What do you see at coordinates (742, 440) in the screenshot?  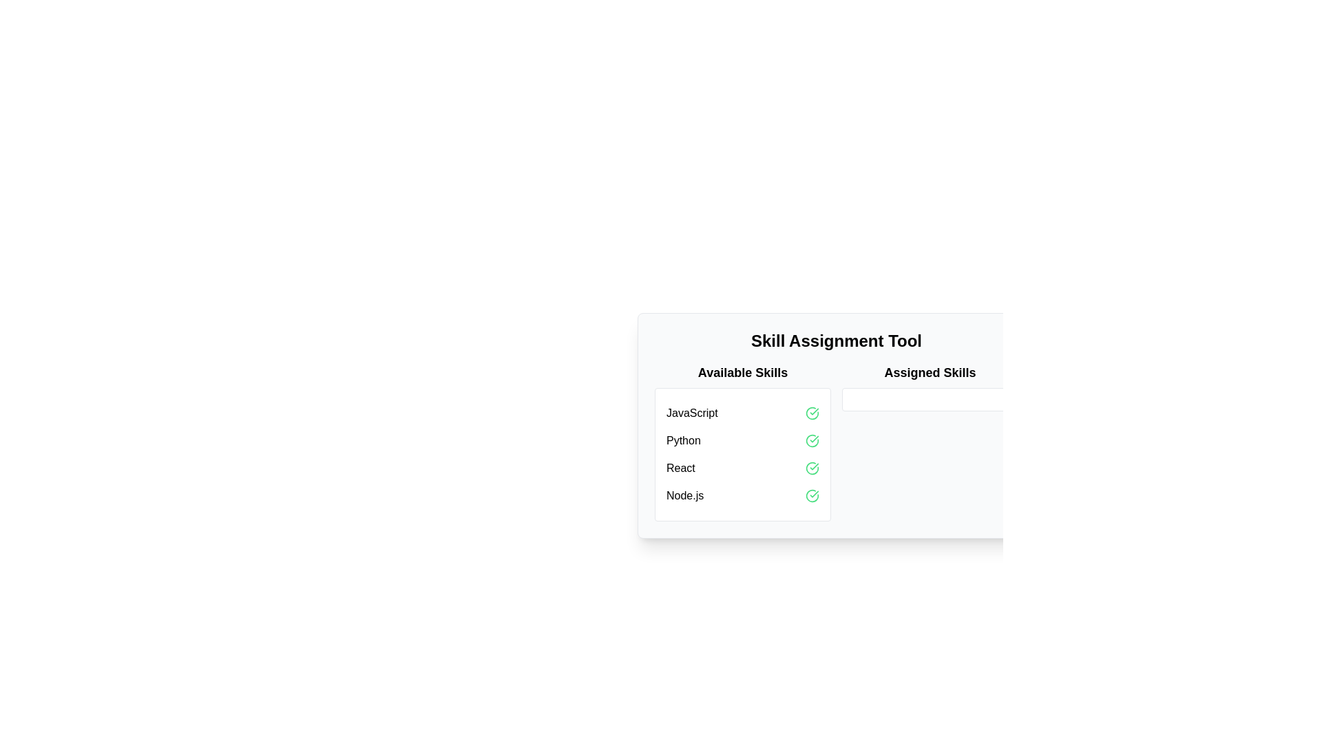 I see `the second skill option labeled 'Python' in the 'Available Skills' box` at bounding box center [742, 440].